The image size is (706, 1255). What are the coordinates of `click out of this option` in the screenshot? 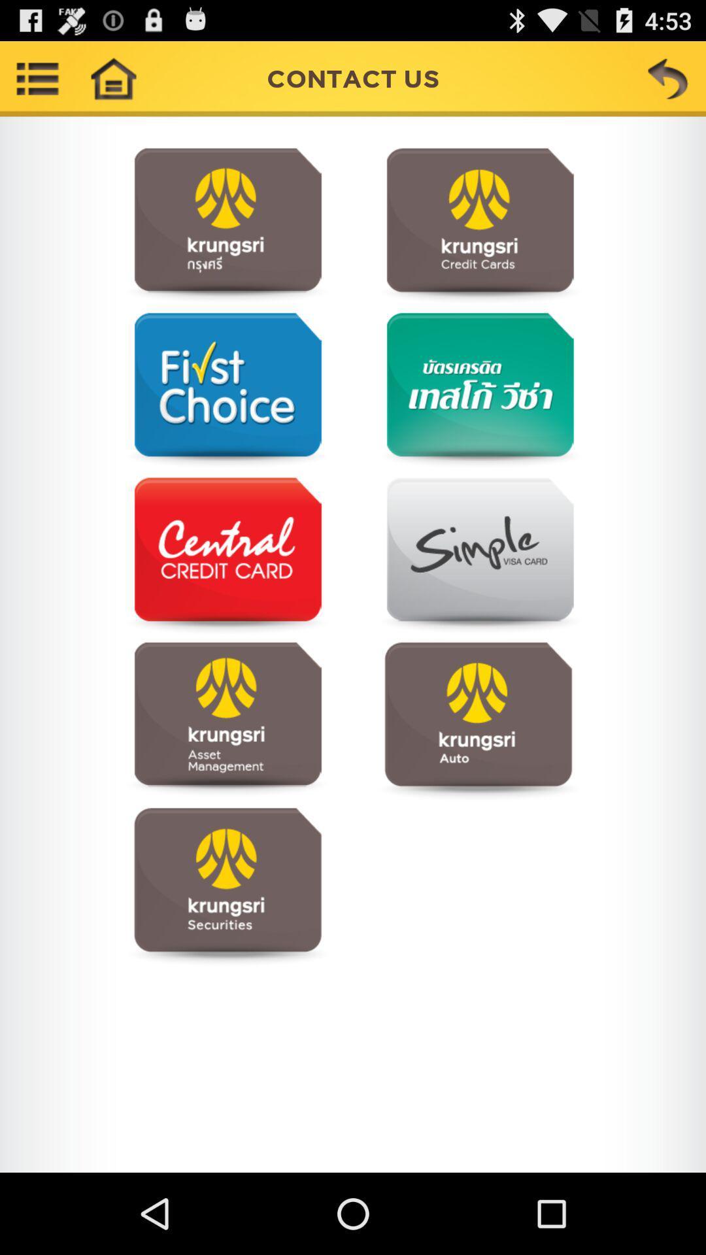 It's located at (227, 556).